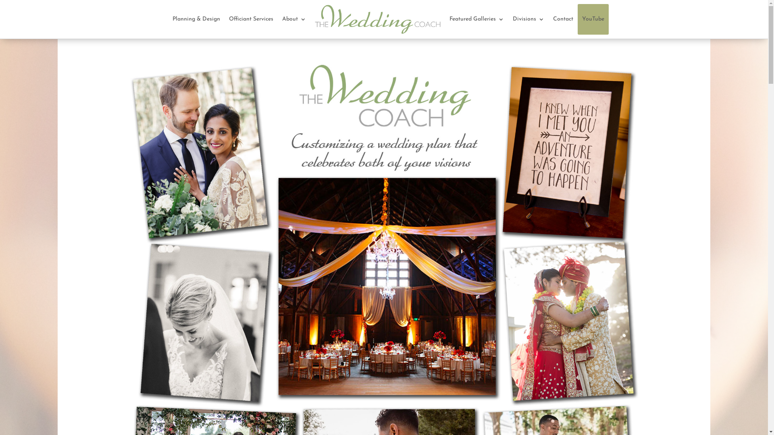 Image resolution: width=774 pixels, height=435 pixels. Describe the element at coordinates (293, 19) in the screenshot. I see `'About'` at that location.